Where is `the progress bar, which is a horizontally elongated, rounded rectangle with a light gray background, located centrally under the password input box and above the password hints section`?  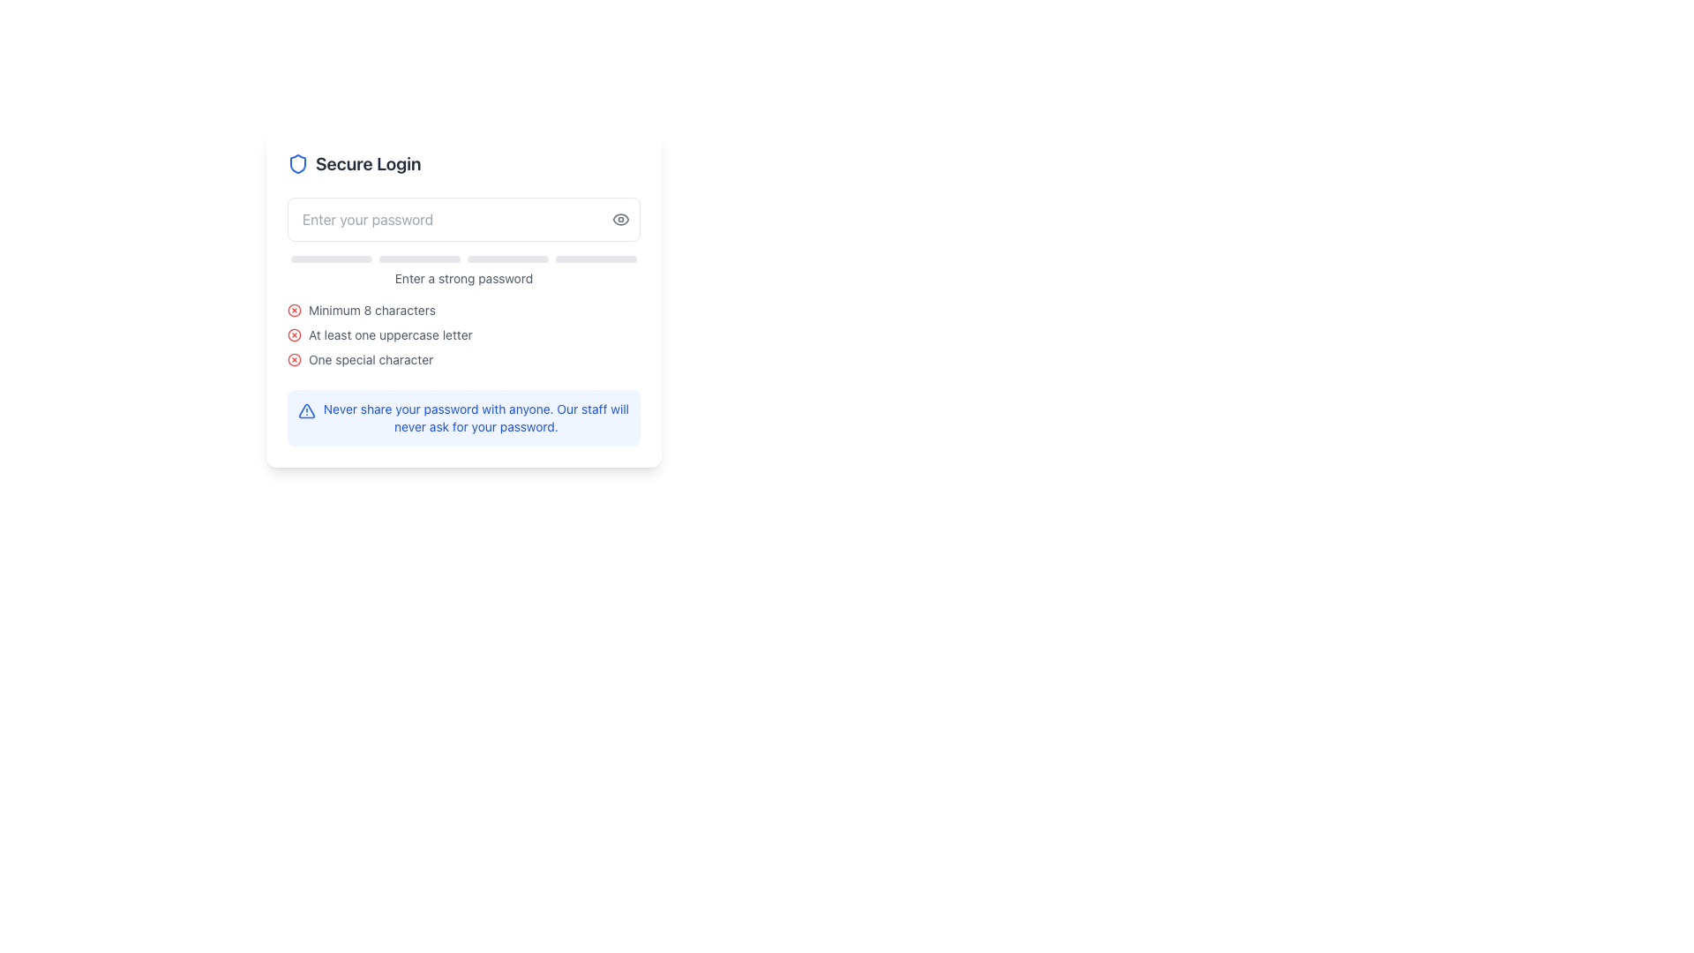
the progress bar, which is a horizontally elongated, rounded rectangle with a light gray background, located centrally under the password input box and above the password hints section is located at coordinates (507, 259).